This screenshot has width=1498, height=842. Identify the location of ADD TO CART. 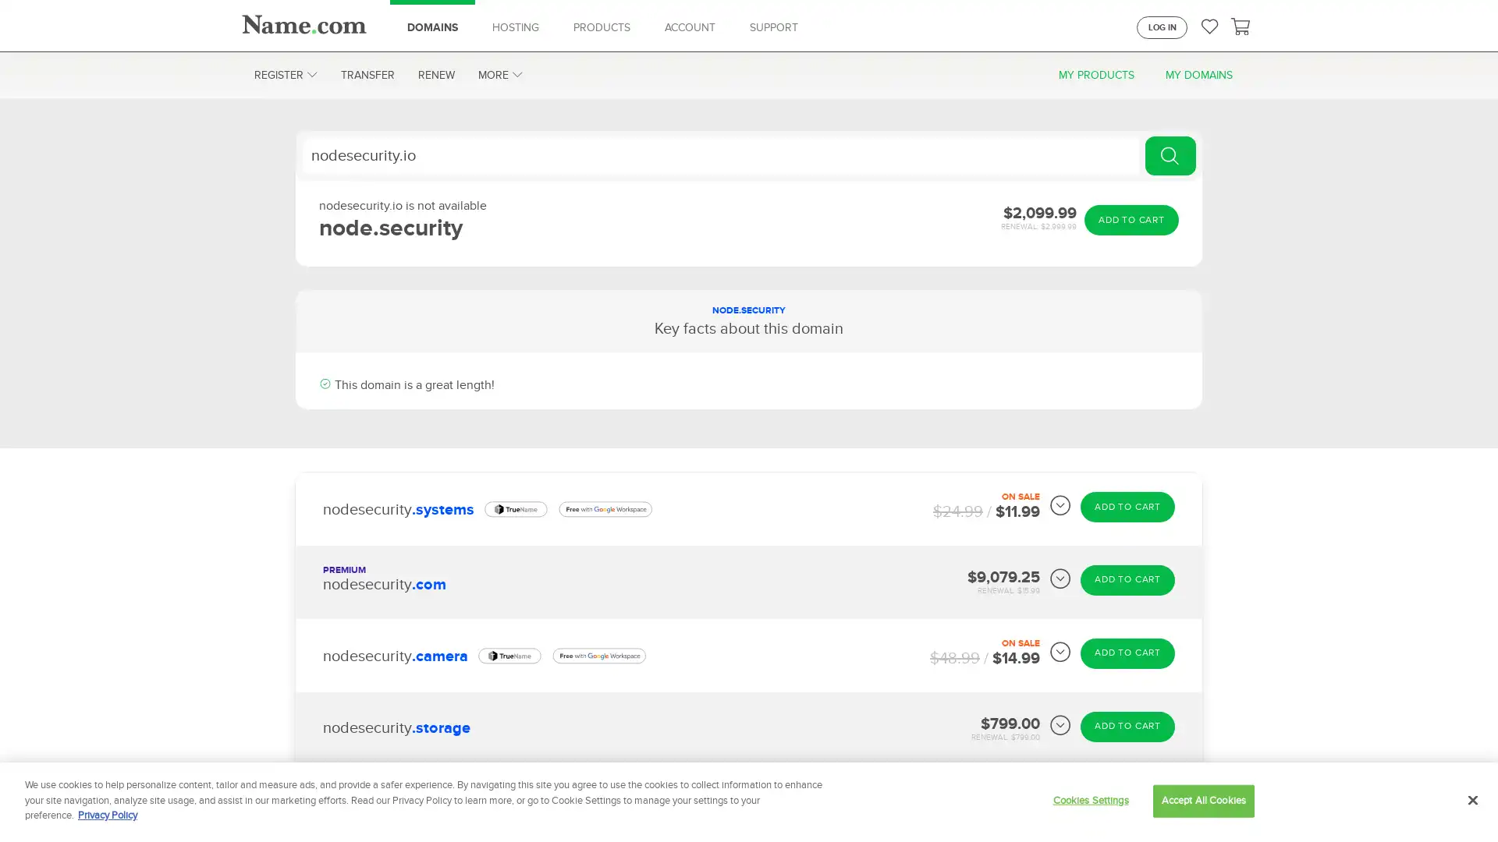
(1127, 580).